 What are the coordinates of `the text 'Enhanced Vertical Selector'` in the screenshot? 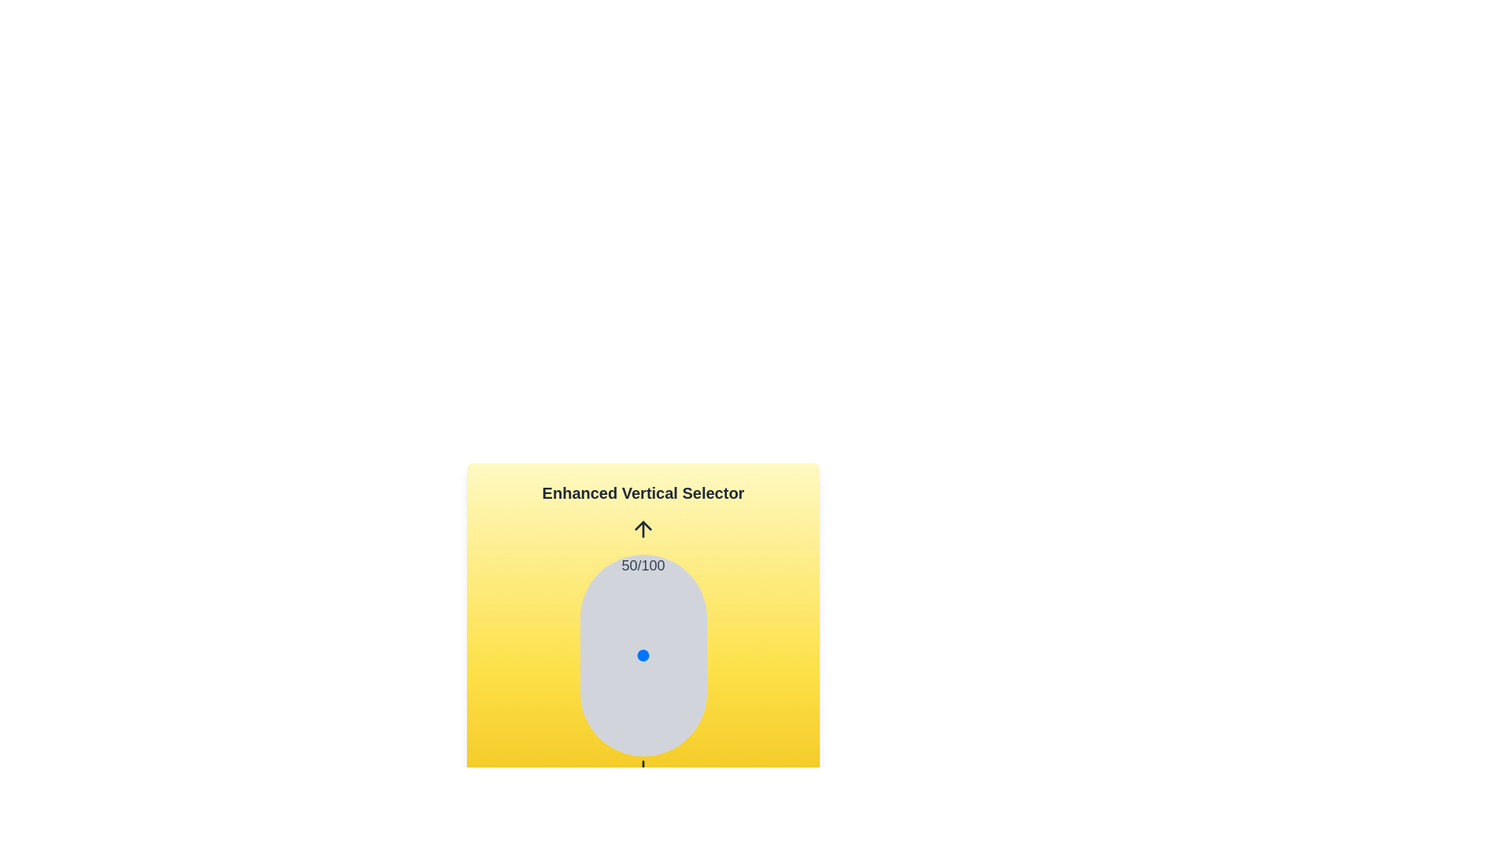 It's located at (643, 492).